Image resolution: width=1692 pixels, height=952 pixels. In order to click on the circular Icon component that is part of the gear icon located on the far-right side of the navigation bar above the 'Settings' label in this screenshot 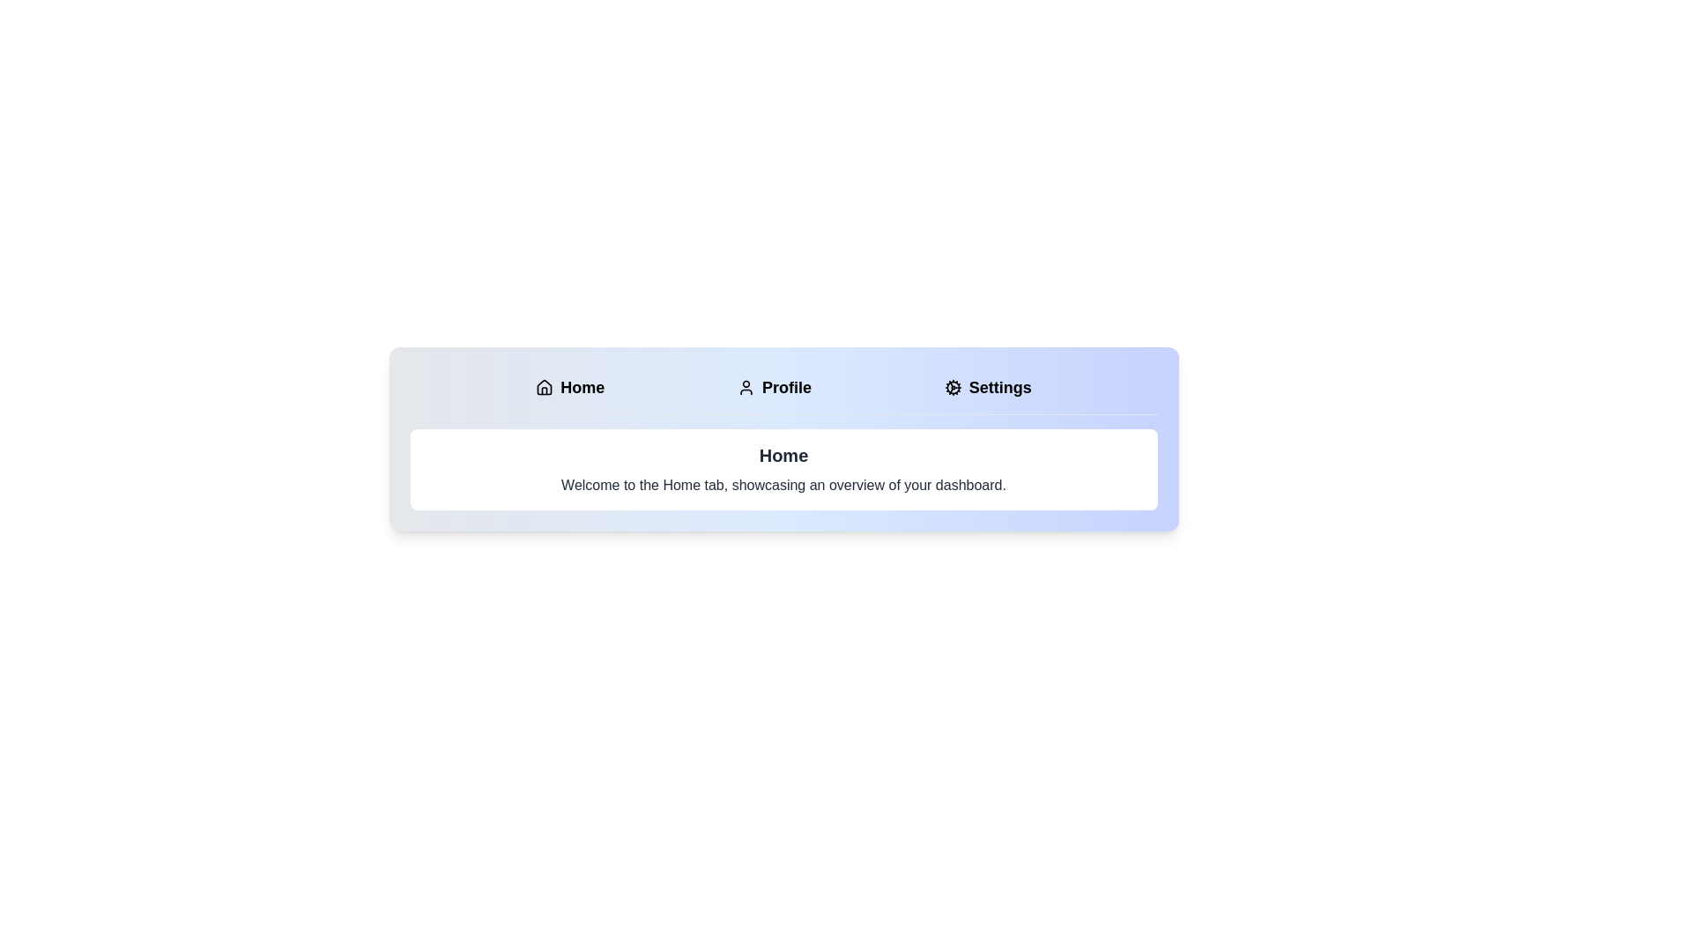, I will do `click(952, 386)`.